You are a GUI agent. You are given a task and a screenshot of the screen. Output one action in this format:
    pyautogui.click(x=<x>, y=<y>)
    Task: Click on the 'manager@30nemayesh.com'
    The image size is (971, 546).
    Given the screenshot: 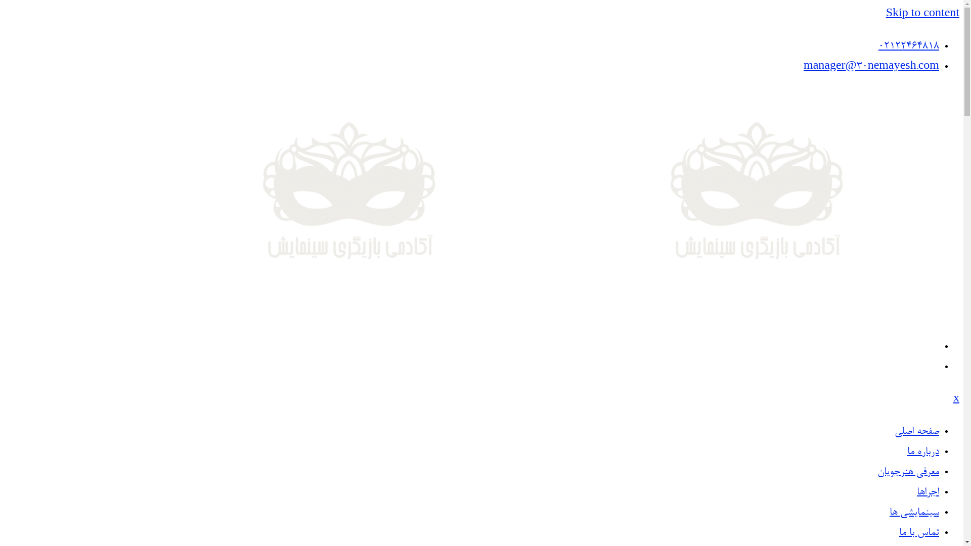 What is the action you would take?
    pyautogui.click(x=871, y=66)
    